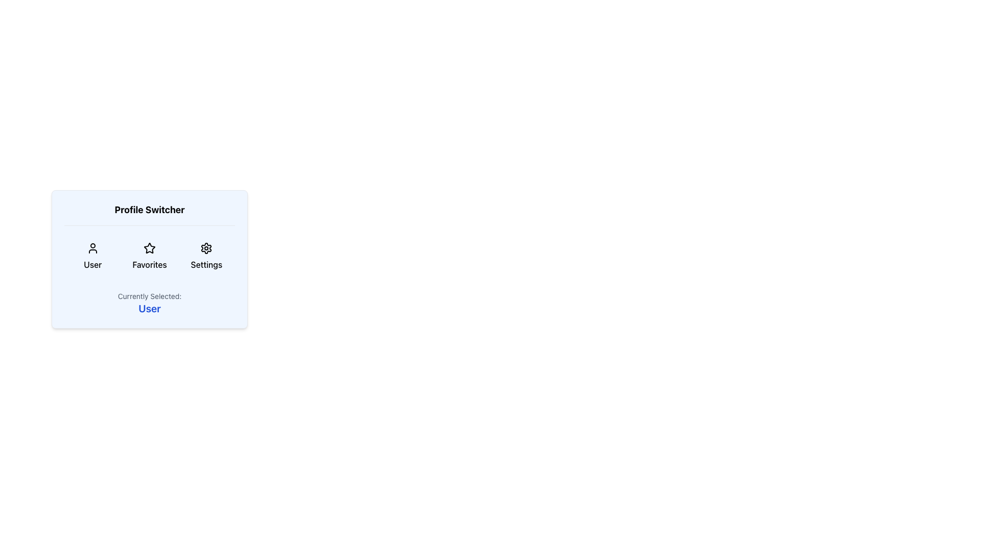 The image size is (981, 552). I want to click on the 'User' button in the 'Profile Switcher' section, so click(92, 256).